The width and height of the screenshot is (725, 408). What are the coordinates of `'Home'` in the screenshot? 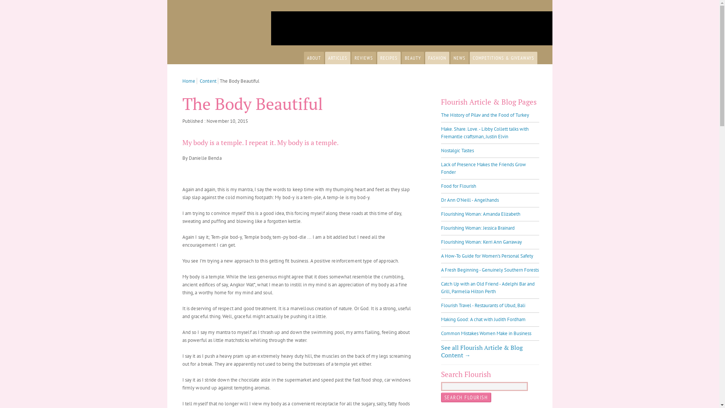 It's located at (190, 81).